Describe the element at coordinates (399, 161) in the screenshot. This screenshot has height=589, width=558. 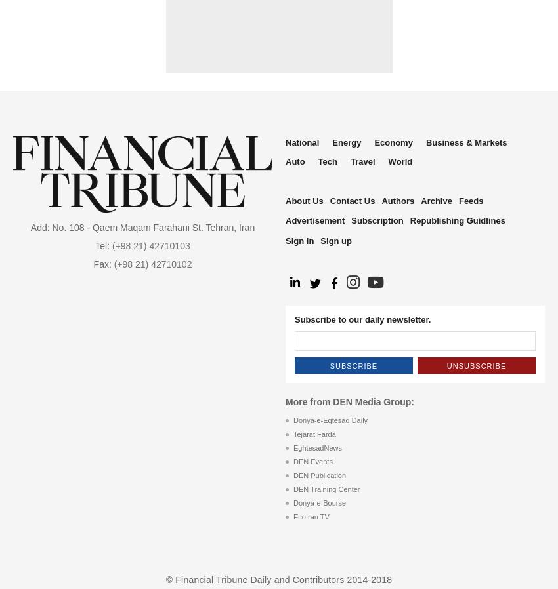
I see `'World'` at that location.